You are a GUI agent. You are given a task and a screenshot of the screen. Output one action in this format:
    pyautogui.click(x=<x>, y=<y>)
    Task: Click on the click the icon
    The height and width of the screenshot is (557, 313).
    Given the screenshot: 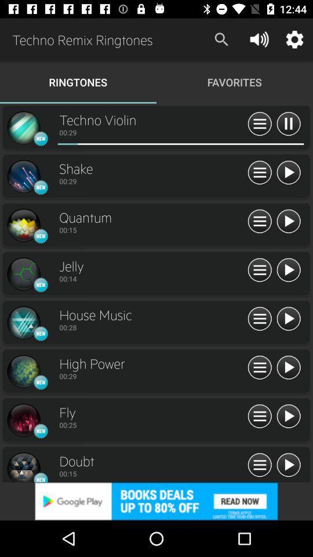 What is the action you would take?
    pyautogui.click(x=23, y=419)
    